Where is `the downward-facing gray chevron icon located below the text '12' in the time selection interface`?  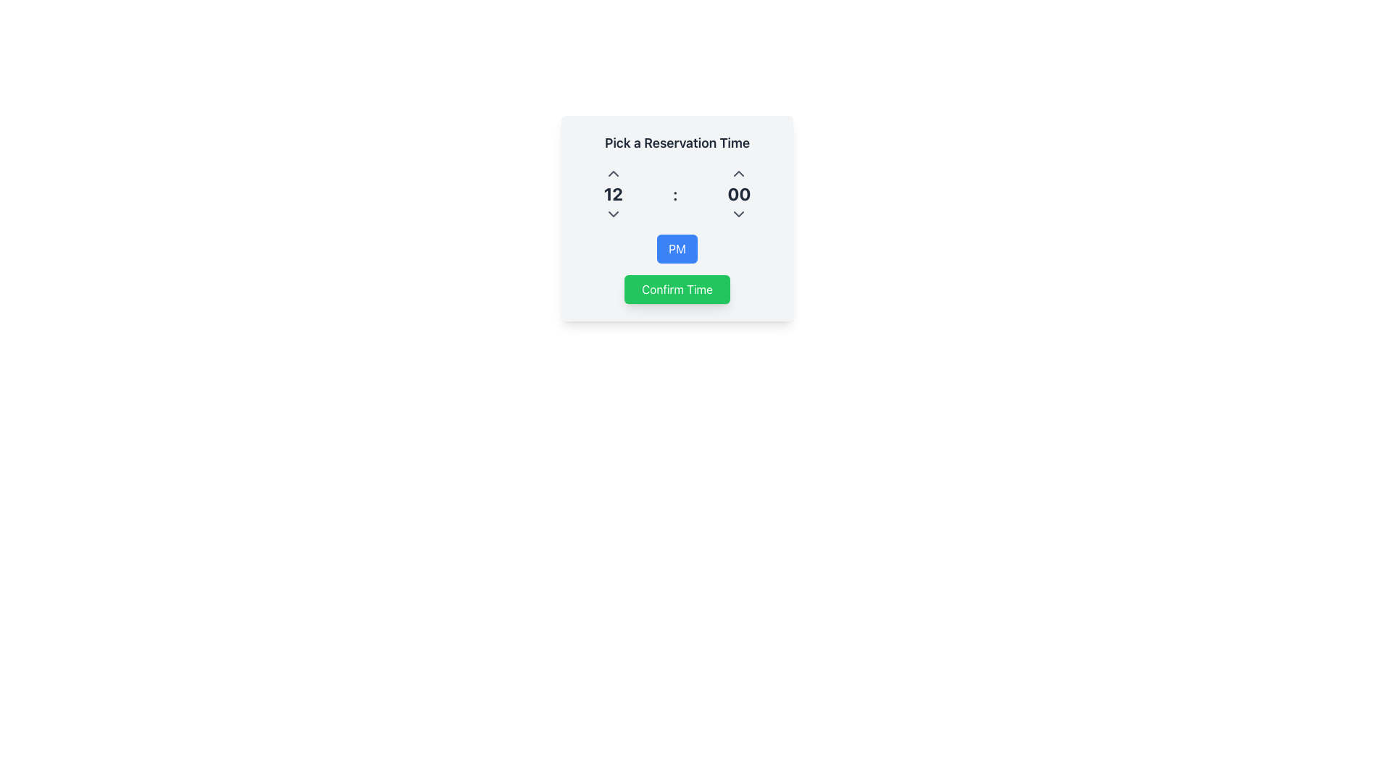
the downward-facing gray chevron icon located below the text '12' in the time selection interface is located at coordinates (613, 214).